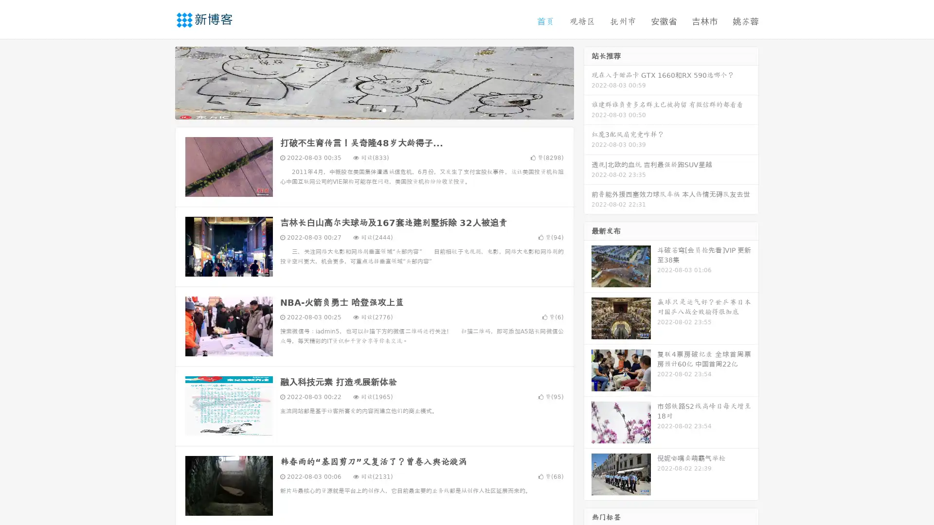 This screenshot has height=525, width=934. Describe the element at coordinates (384, 109) in the screenshot. I see `Go to slide 3` at that location.